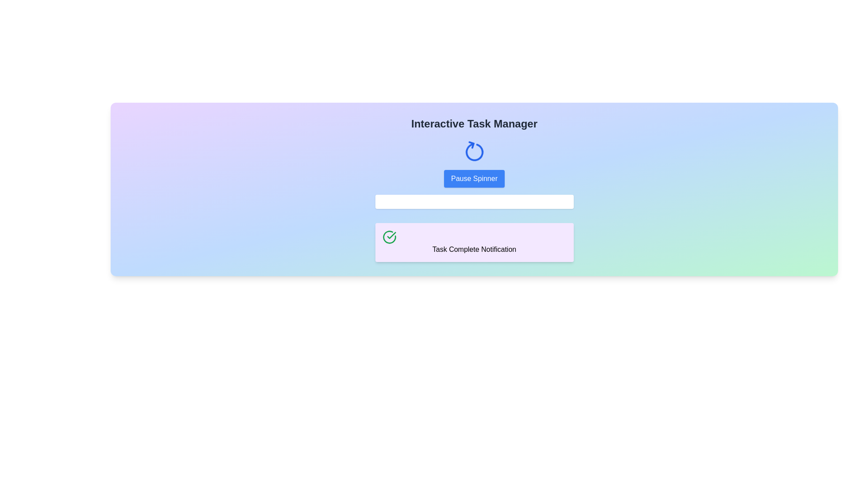 The image size is (850, 478). Describe the element at coordinates (391, 235) in the screenshot. I see `the green checkmark icon located in the top-left corner of the 'Task Complete Notification' card` at that location.